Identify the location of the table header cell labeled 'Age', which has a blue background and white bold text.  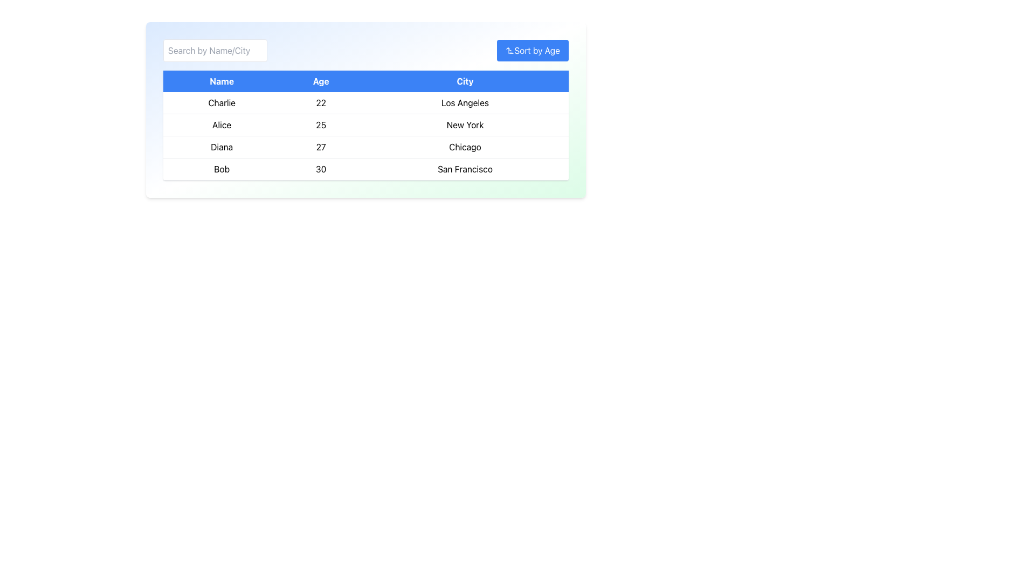
(320, 80).